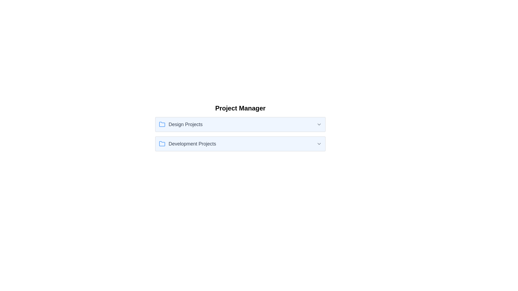  What do you see at coordinates (162, 143) in the screenshot?
I see `the folder icon located to the left of the text 'Development Projects' in the second row of the list` at bounding box center [162, 143].